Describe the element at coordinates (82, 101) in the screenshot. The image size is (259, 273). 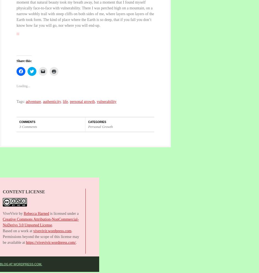
I see `'personal growth'` at that location.